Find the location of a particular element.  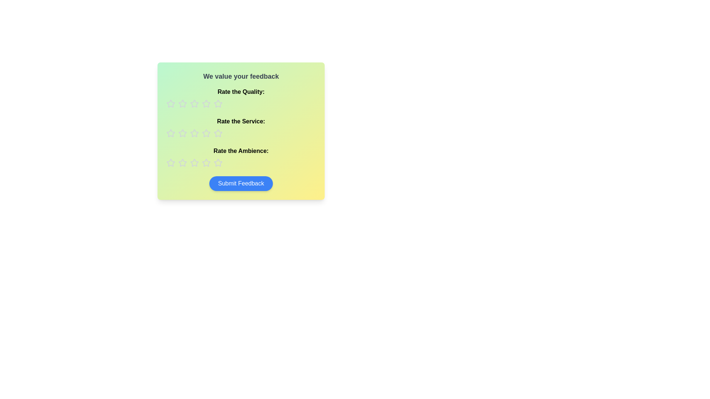

text from the heading labeled 'We value your feedback', which is styled in bold and located at the top of the feedback form is located at coordinates (241, 76).